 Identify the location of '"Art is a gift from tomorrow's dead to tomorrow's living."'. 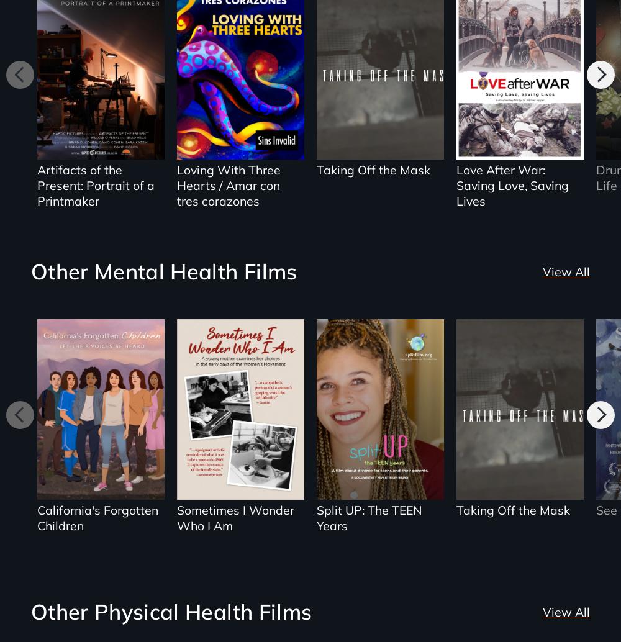
(52, 94).